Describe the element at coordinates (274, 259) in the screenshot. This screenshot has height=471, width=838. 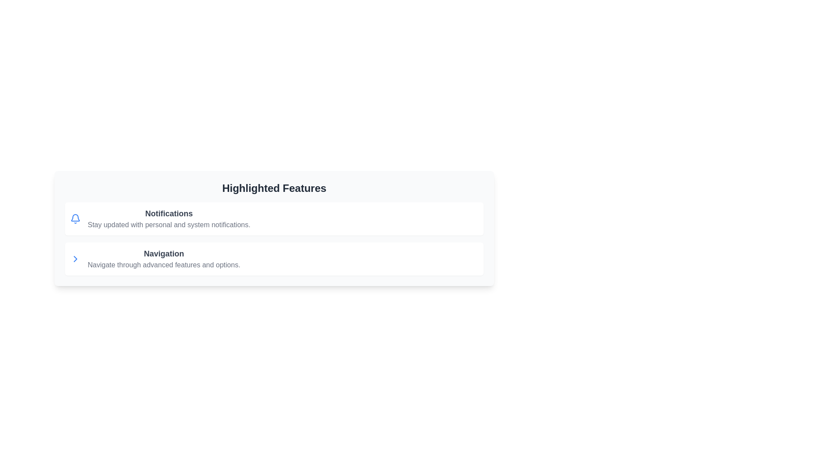
I see `the title 'Navigation' of the Feature entry item element` at that location.